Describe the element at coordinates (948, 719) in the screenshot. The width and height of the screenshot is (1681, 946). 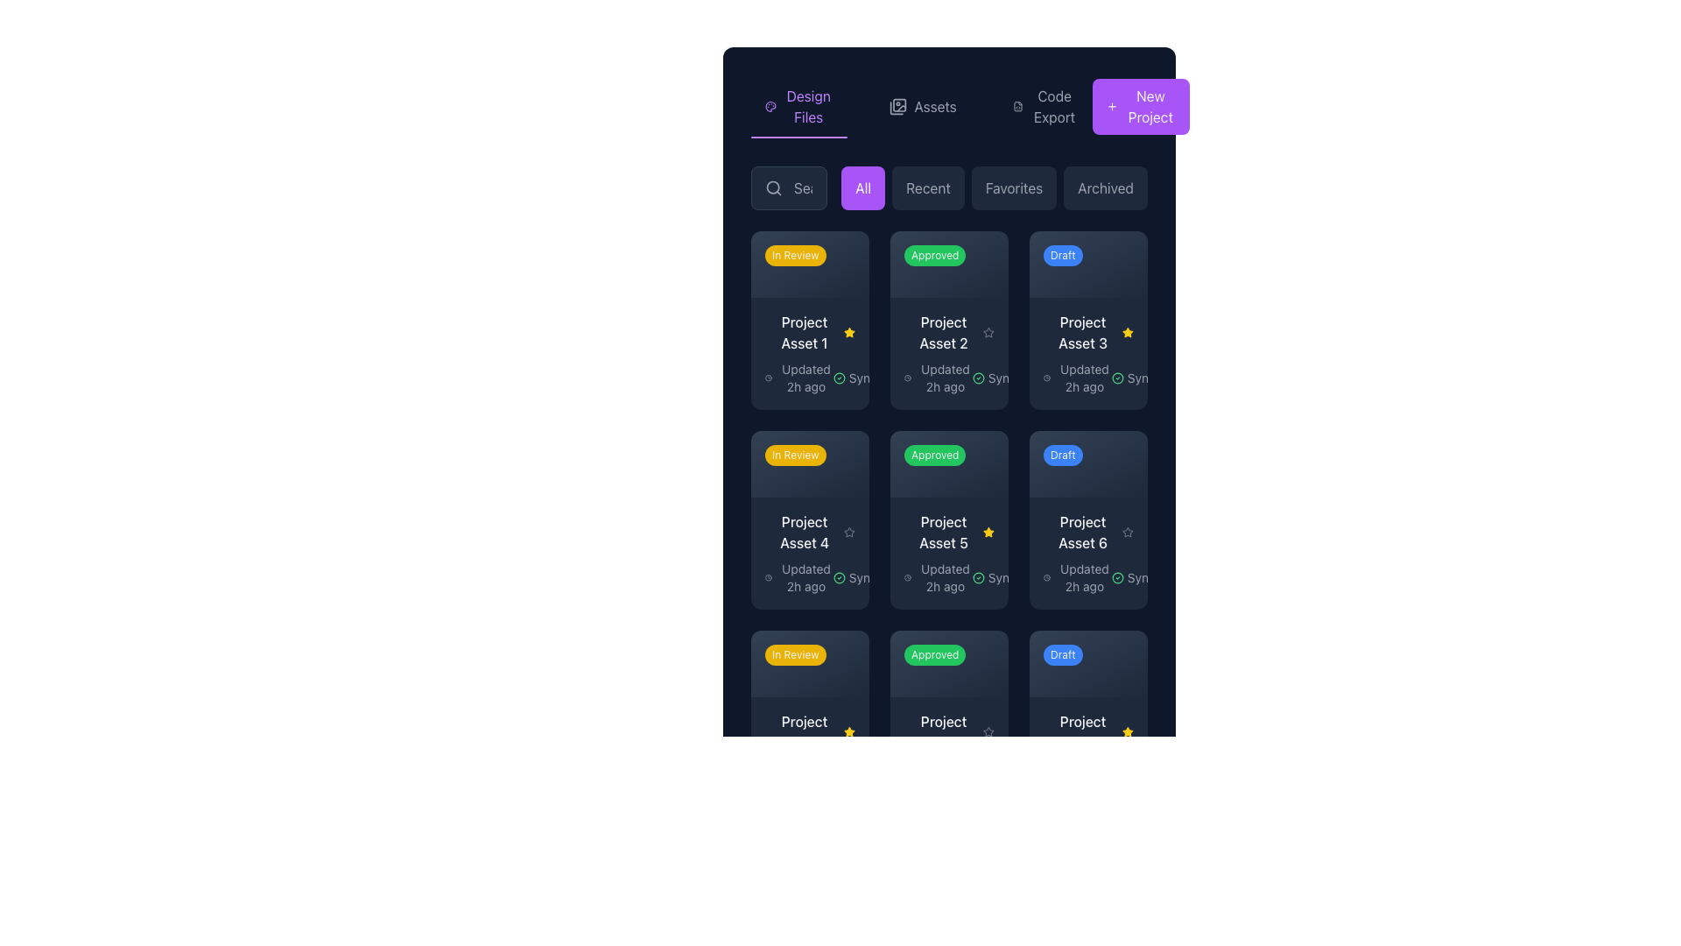
I see `the project summary card located` at that location.